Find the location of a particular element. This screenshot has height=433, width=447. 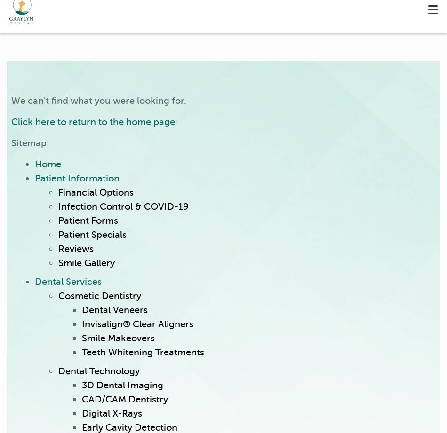

'Back' is located at coordinates (123, 77).